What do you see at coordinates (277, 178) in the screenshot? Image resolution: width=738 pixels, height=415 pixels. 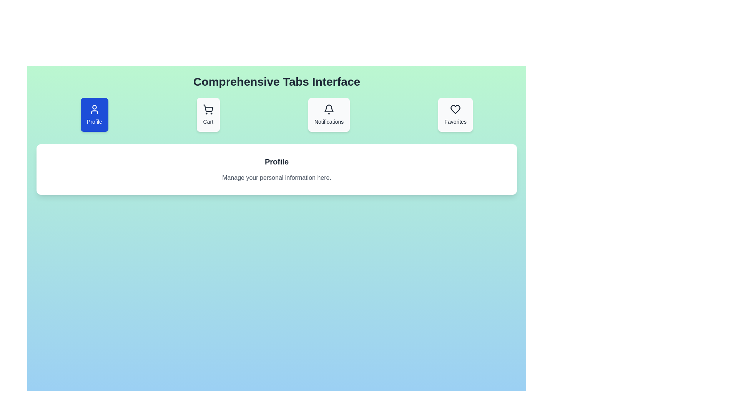 I see `the text label displaying 'Manage your personal information here.' which is located below the title 'Profile' within a white rectangular section` at bounding box center [277, 178].